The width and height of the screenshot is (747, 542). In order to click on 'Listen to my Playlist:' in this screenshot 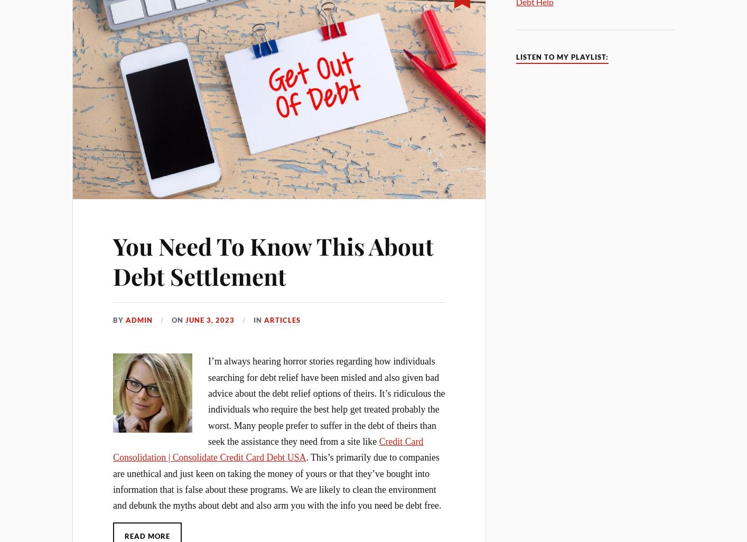, I will do `click(562, 57)`.